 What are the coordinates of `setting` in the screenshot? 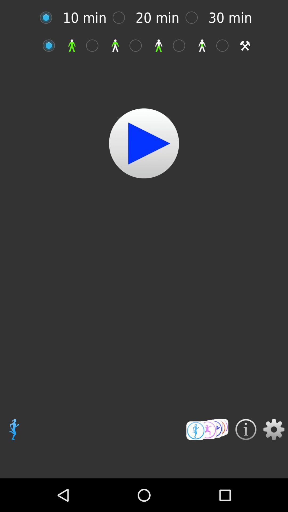 It's located at (274, 429).